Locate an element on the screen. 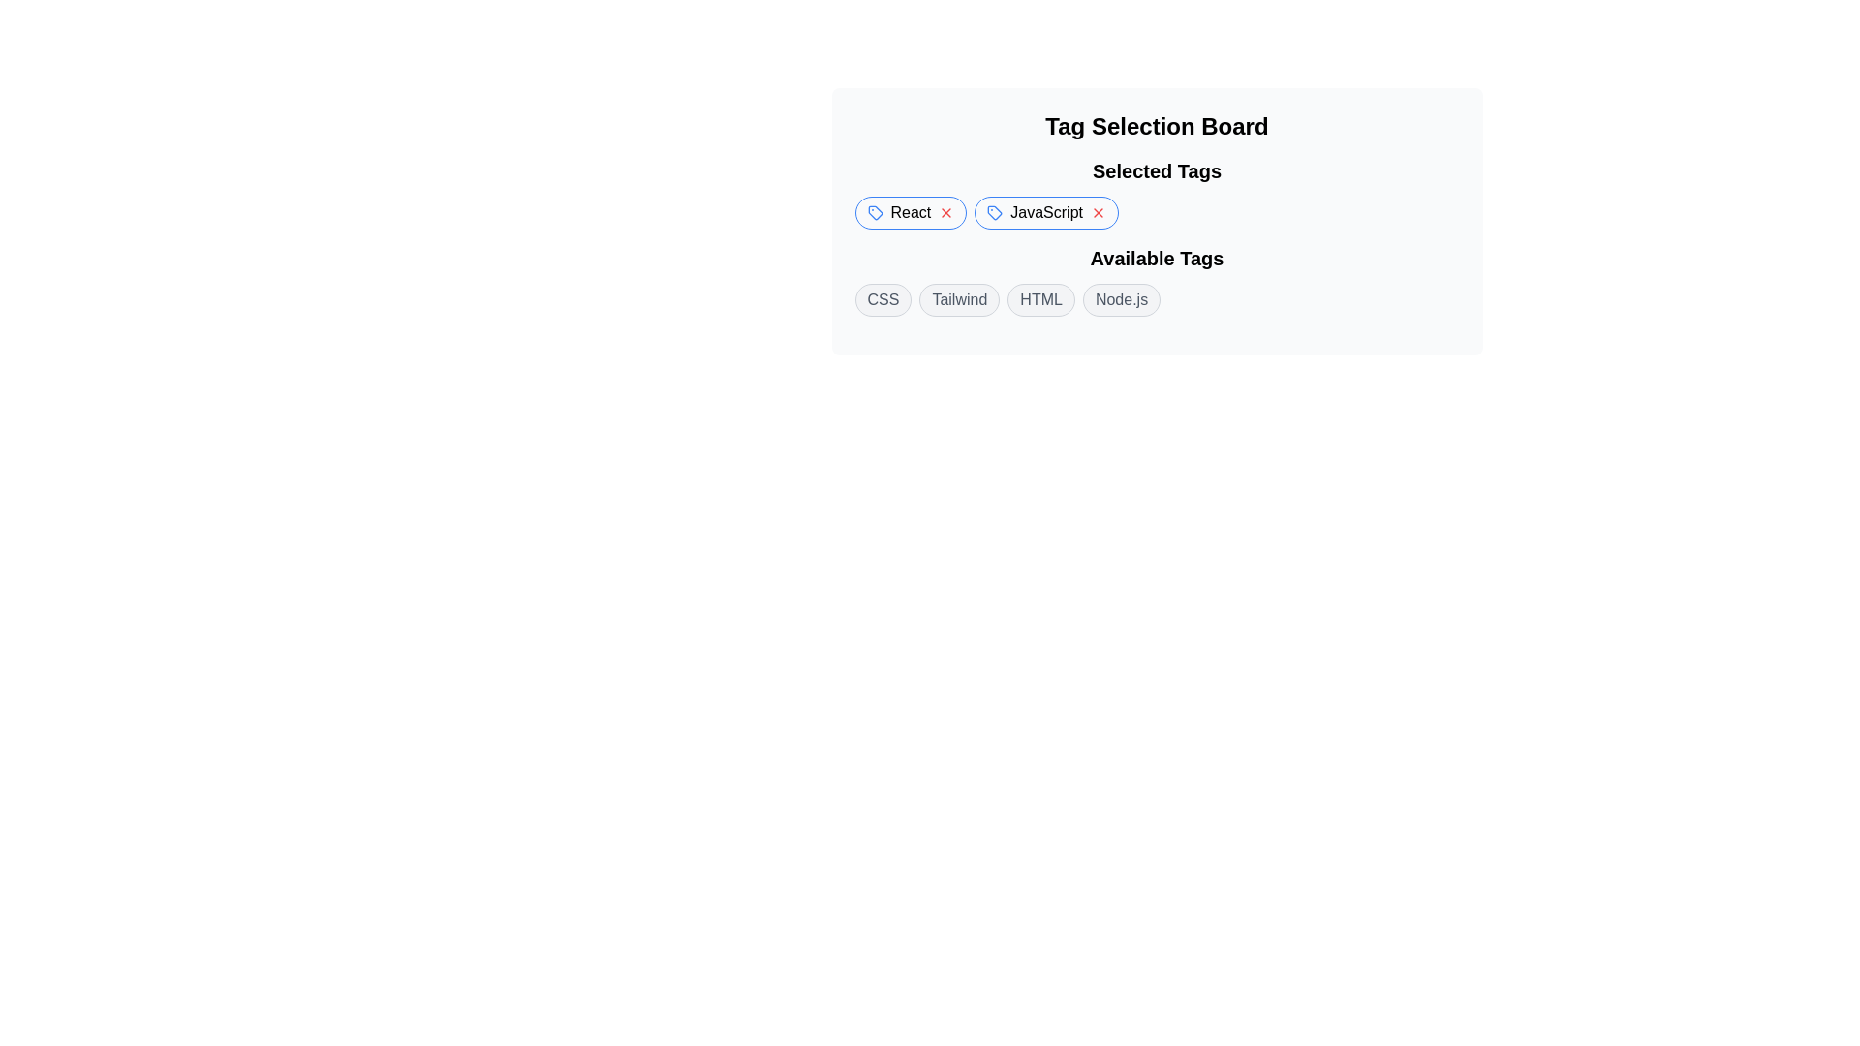 The height and width of the screenshot is (1046, 1860). a tag within the 'Tag Selection Board' is located at coordinates (1157, 280).